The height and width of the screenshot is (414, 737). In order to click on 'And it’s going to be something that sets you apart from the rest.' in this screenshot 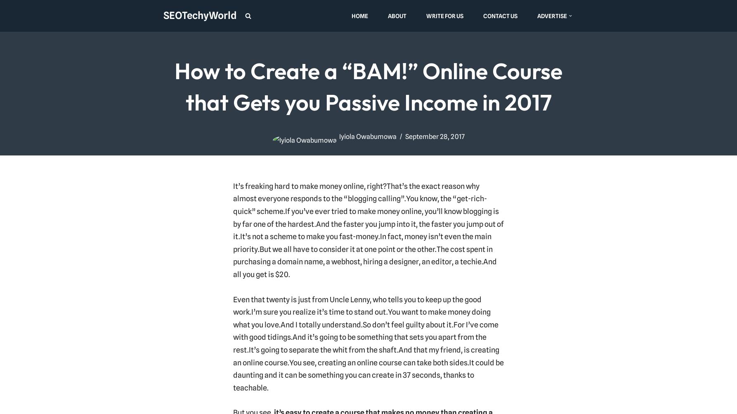, I will do `click(232, 343)`.